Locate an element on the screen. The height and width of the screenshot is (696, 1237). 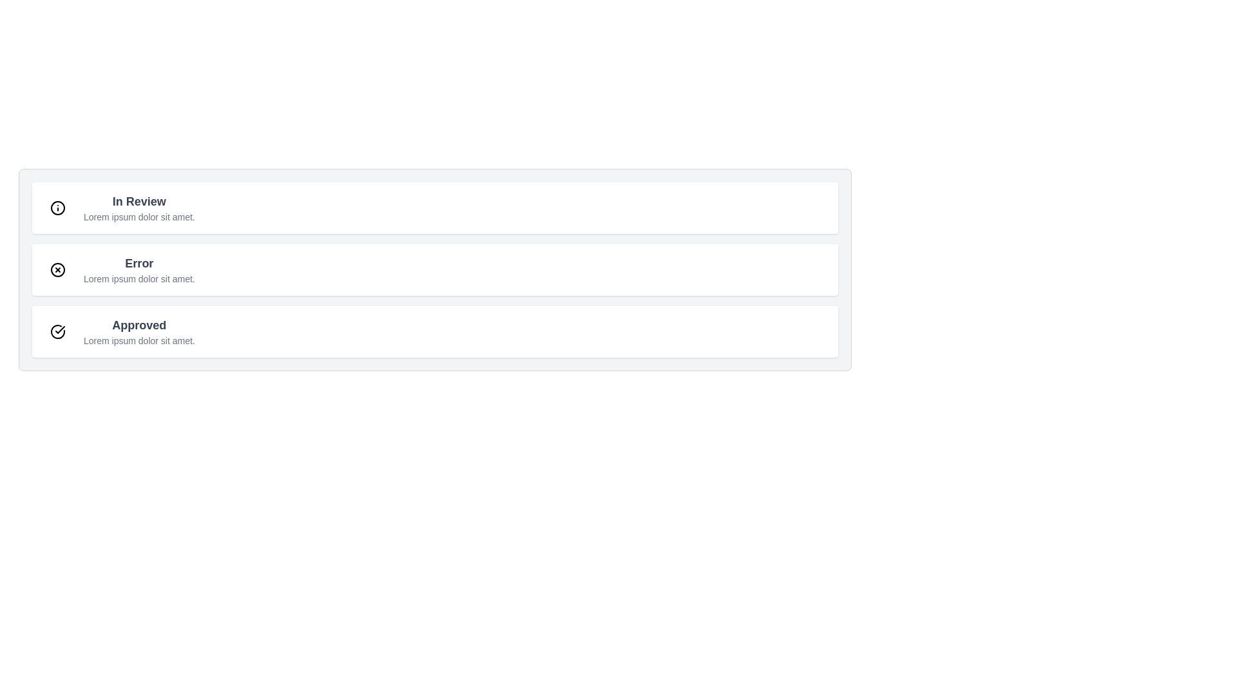
the circular segment of the status icon indicating approval, located to the left of the label 'Approved' in the last box of a three-item list is located at coordinates (57, 331).